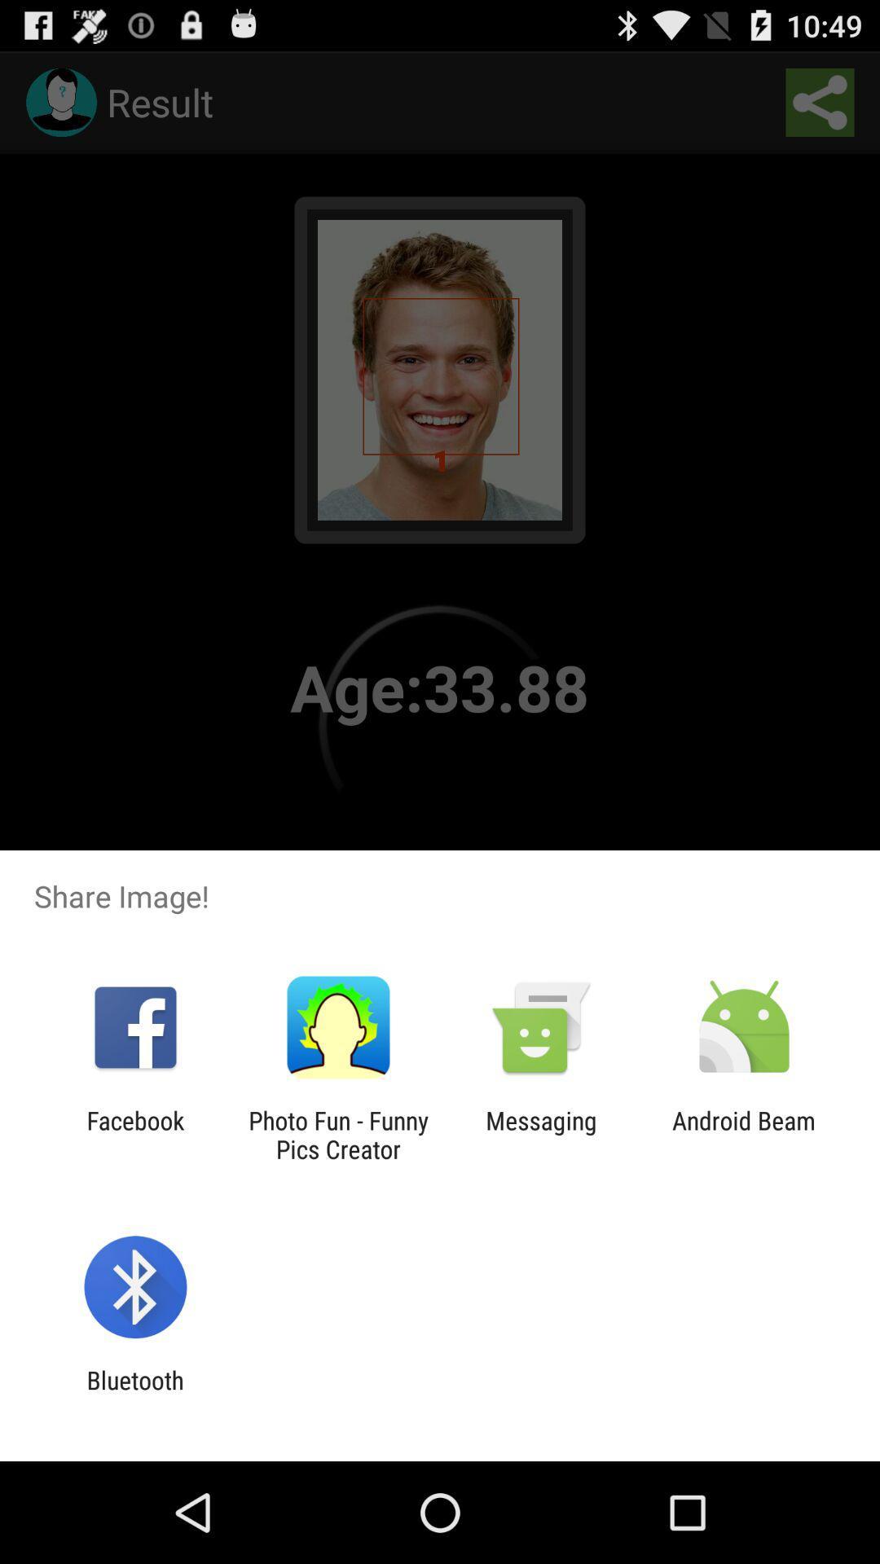 This screenshot has height=1564, width=880. What do you see at coordinates (337, 1134) in the screenshot?
I see `photo fun funny icon` at bounding box center [337, 1134].